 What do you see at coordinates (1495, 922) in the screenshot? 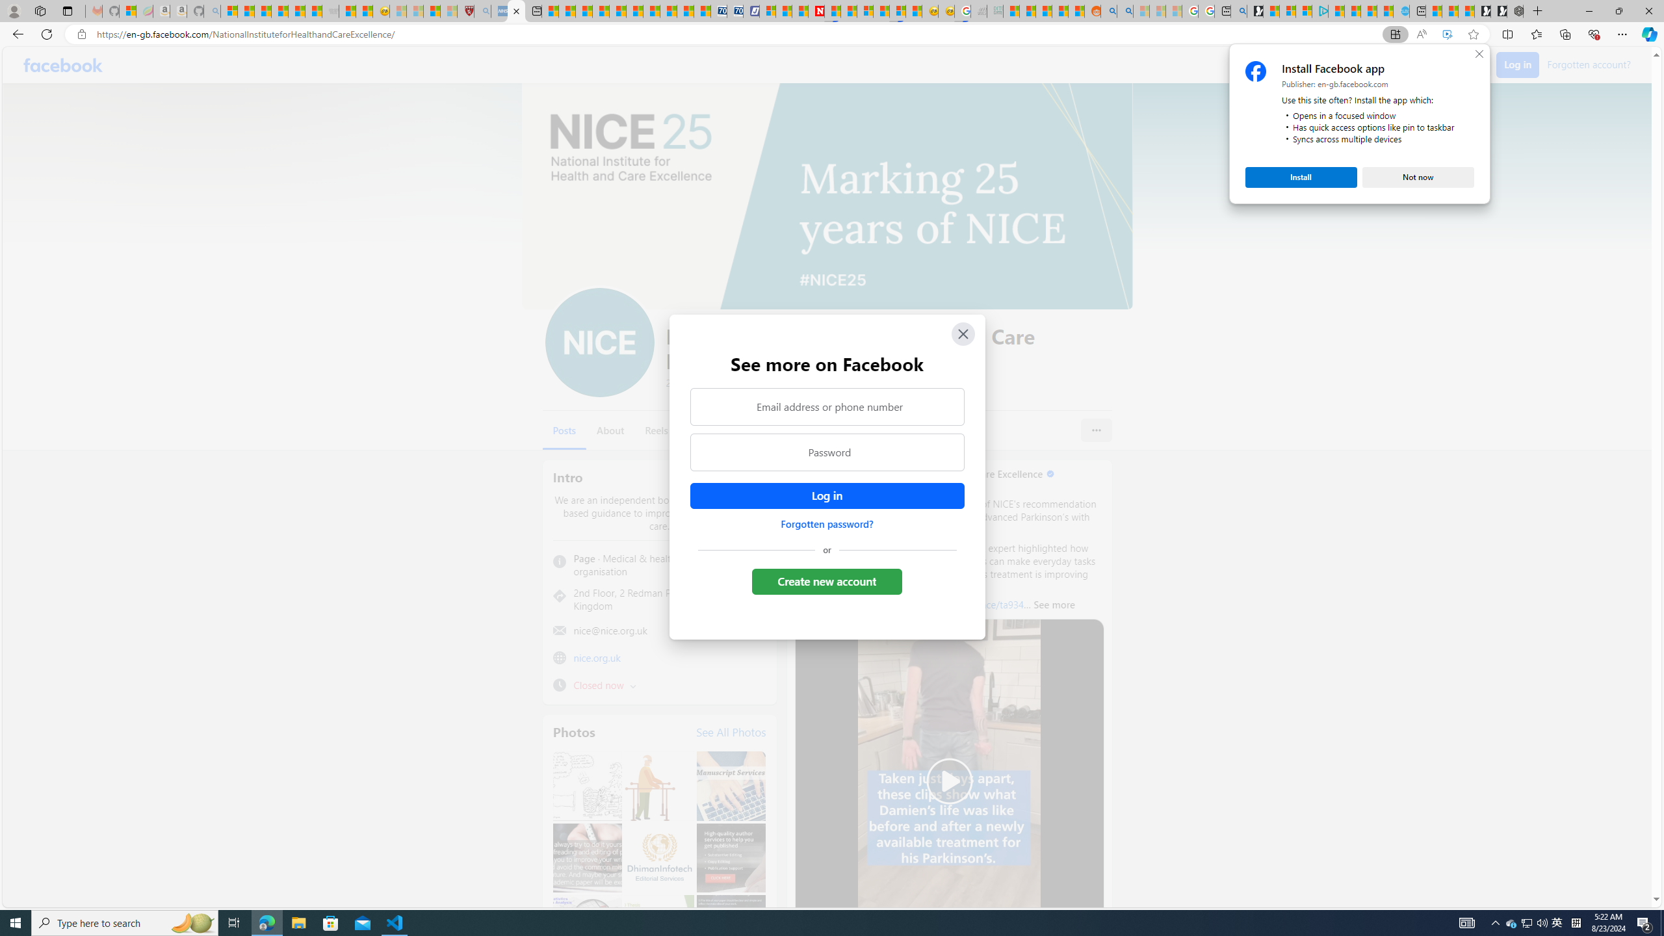
I see `'Notification Chevron'` at bounding box center [1495, 922].